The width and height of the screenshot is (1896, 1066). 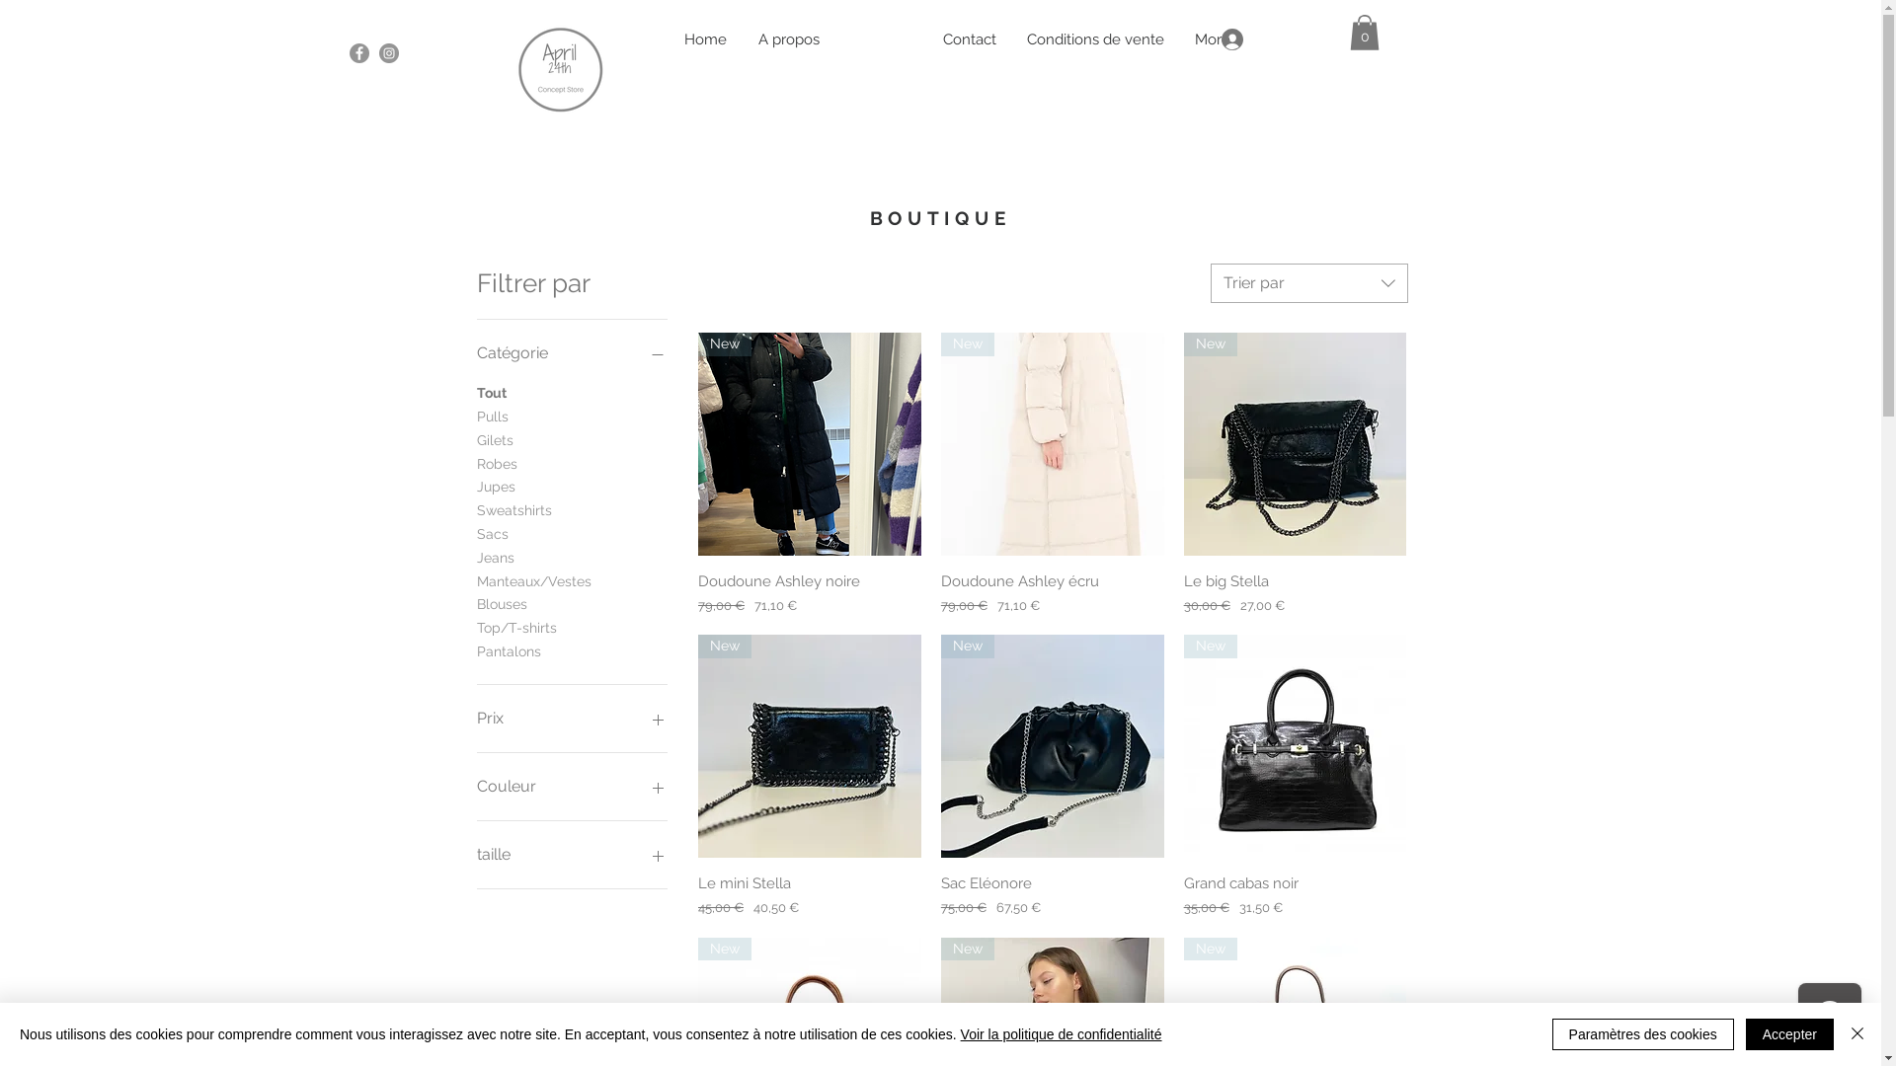 What do you see at coordinates (704, 38) in the screenshot?
I see `'Home'` at bounding box center [704, 38].